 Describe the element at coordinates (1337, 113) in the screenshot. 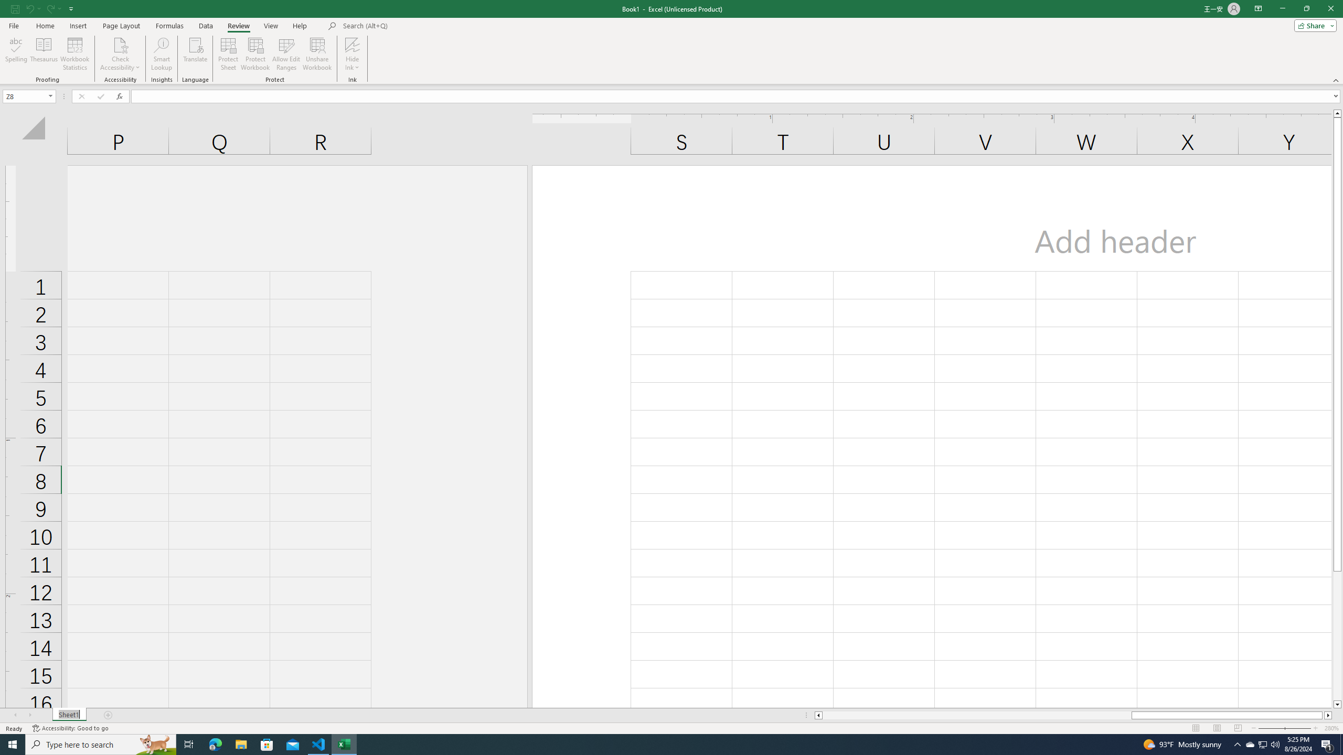

I see `'Line up'` at that location.